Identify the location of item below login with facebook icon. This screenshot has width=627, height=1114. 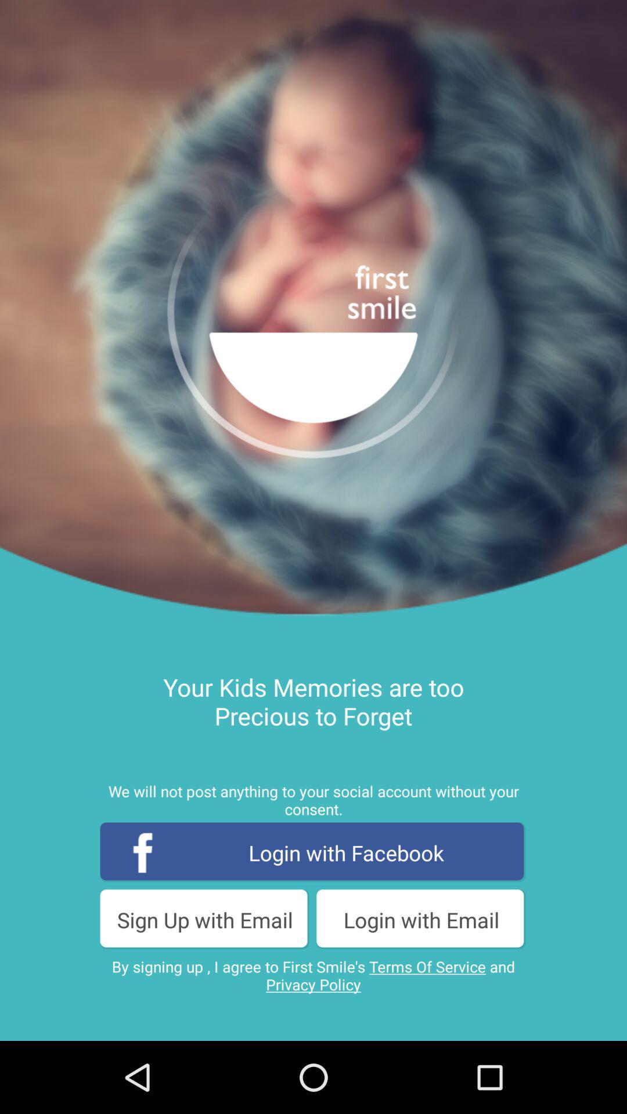
(204, 919).